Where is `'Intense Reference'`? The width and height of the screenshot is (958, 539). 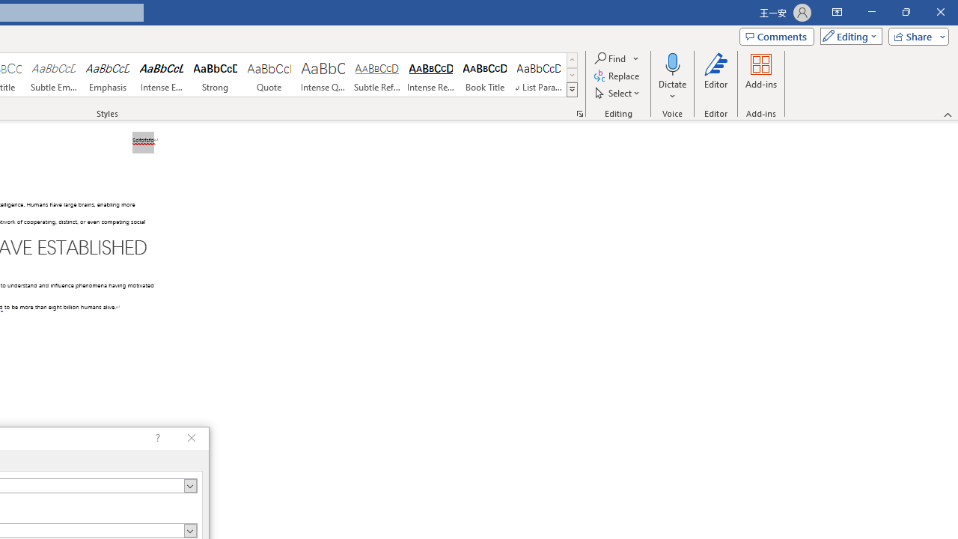 'Intense Reference' is located at coordinates (430, 75).